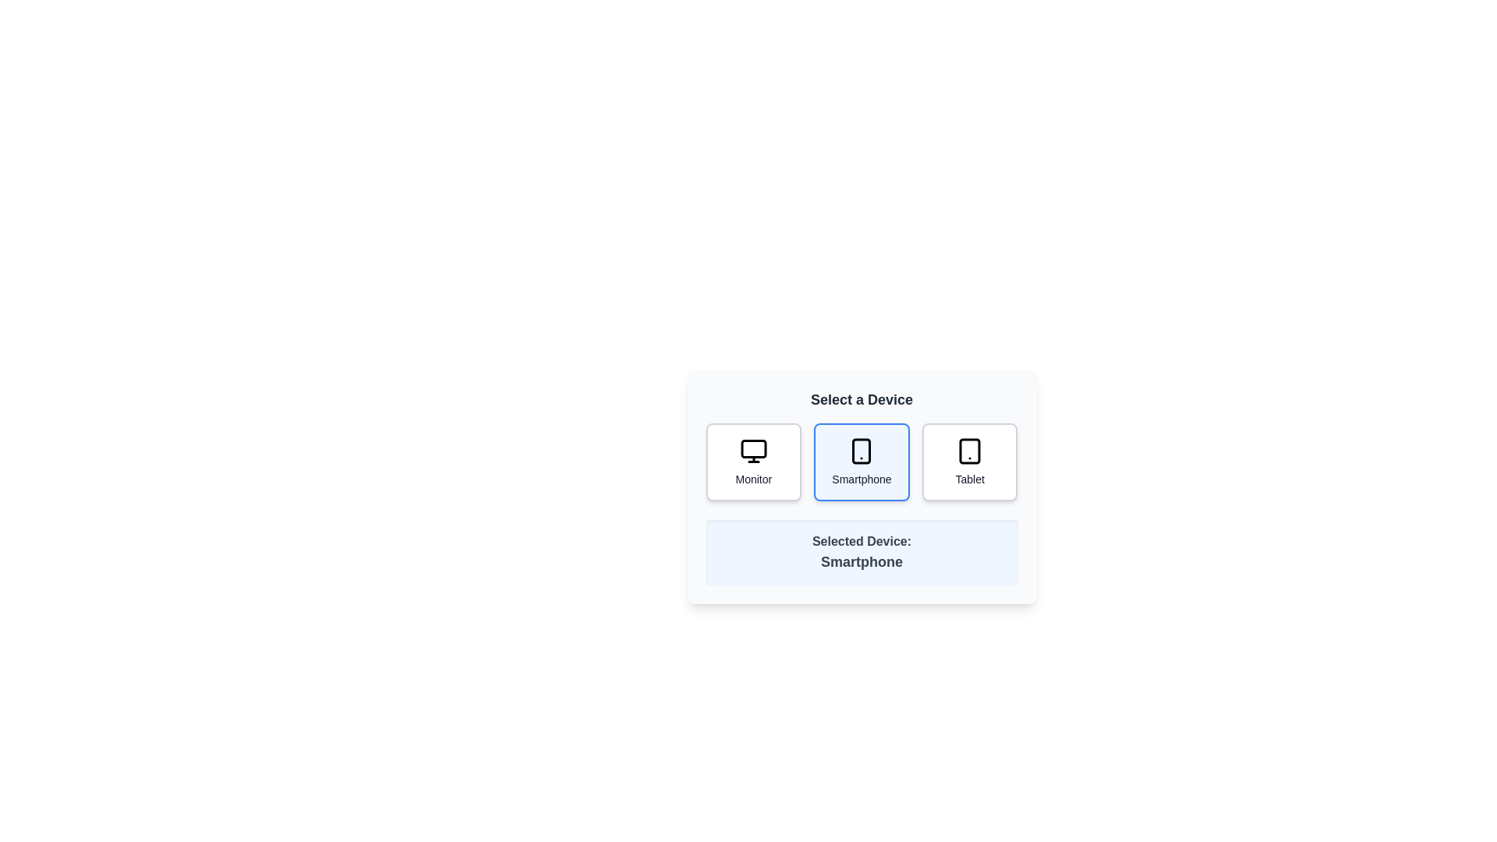  I want to click on the button corresponding to the device Tablet to select it, so click(969, 462).